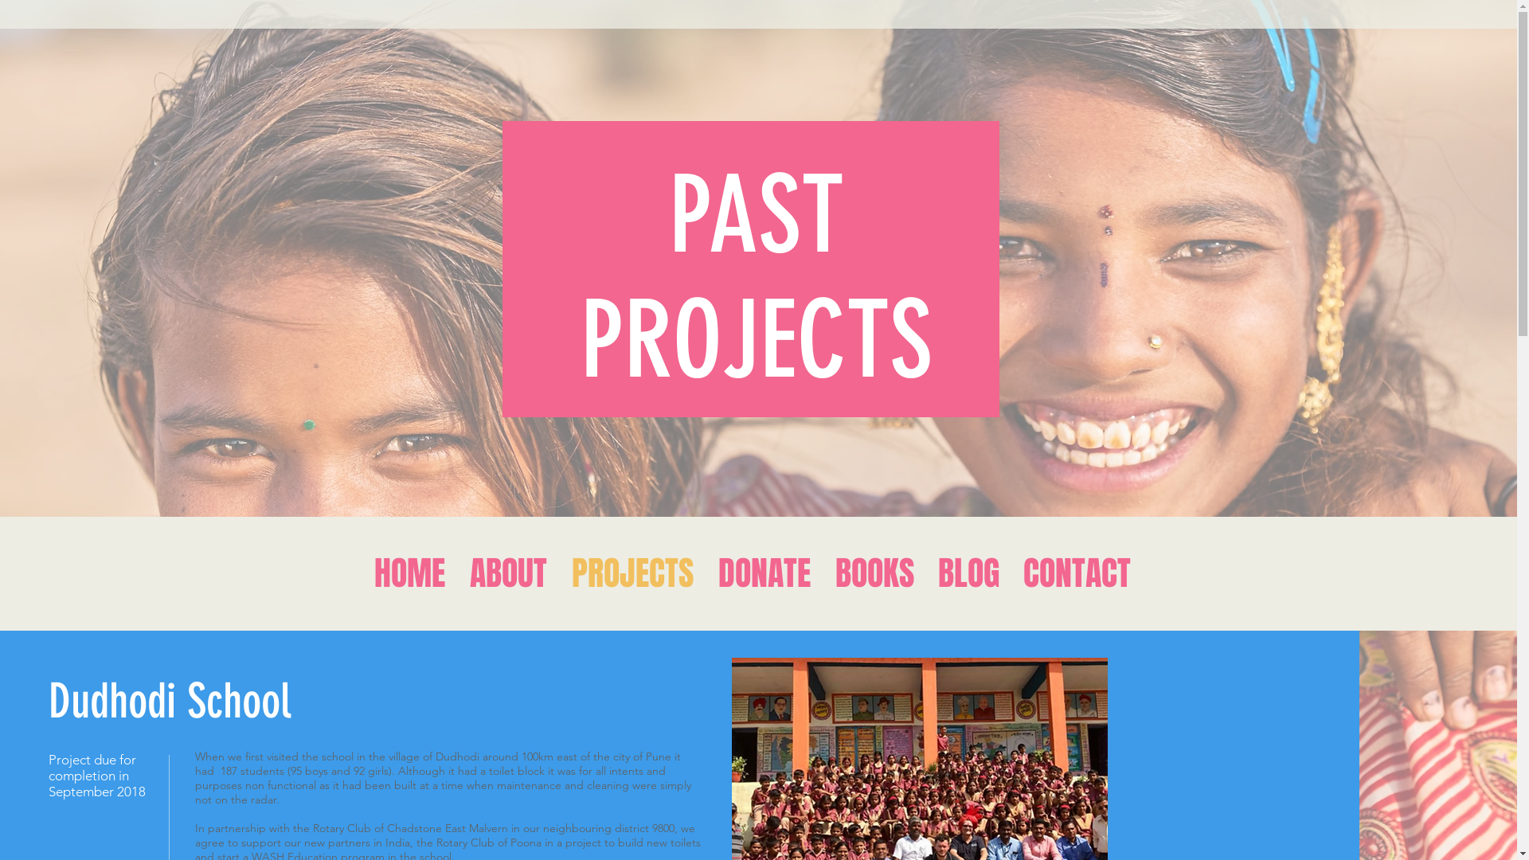 Image resolution: width=1529 pixels, height=860 pixels. What do you see at coordinates (763, 573) in the screenshot?
I see `'DONATE'` at bounding box center [763, 573].